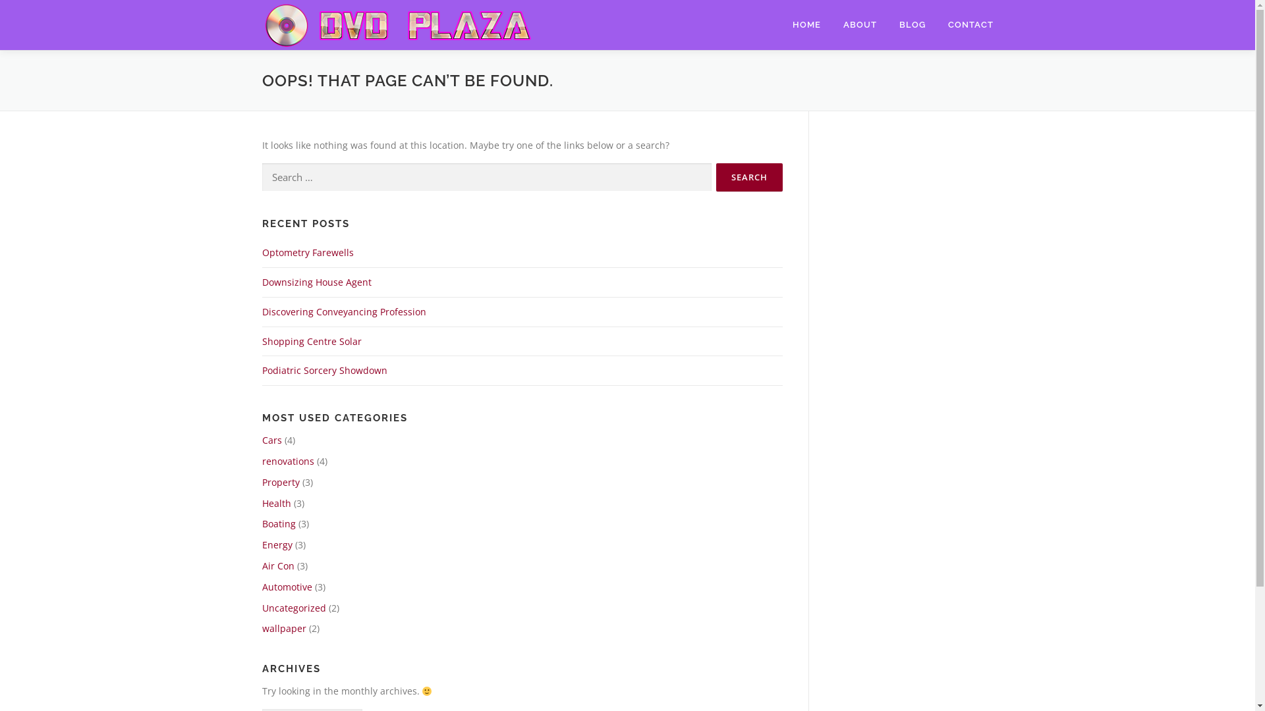  I want to click on 'Uncategorized', so click(262, 608).